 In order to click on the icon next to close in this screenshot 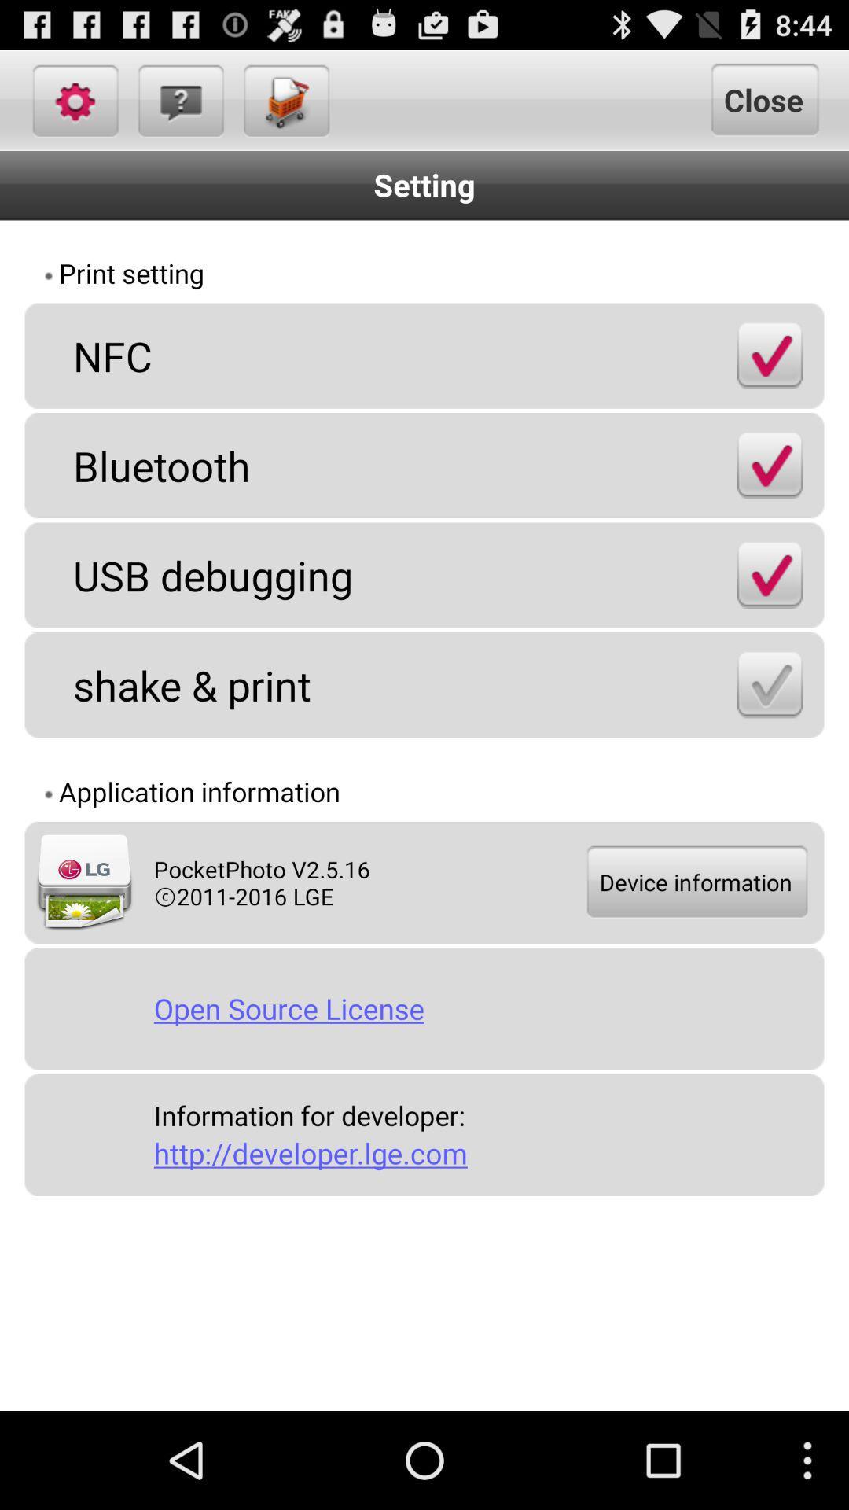, I will do `click(285, 99)`.